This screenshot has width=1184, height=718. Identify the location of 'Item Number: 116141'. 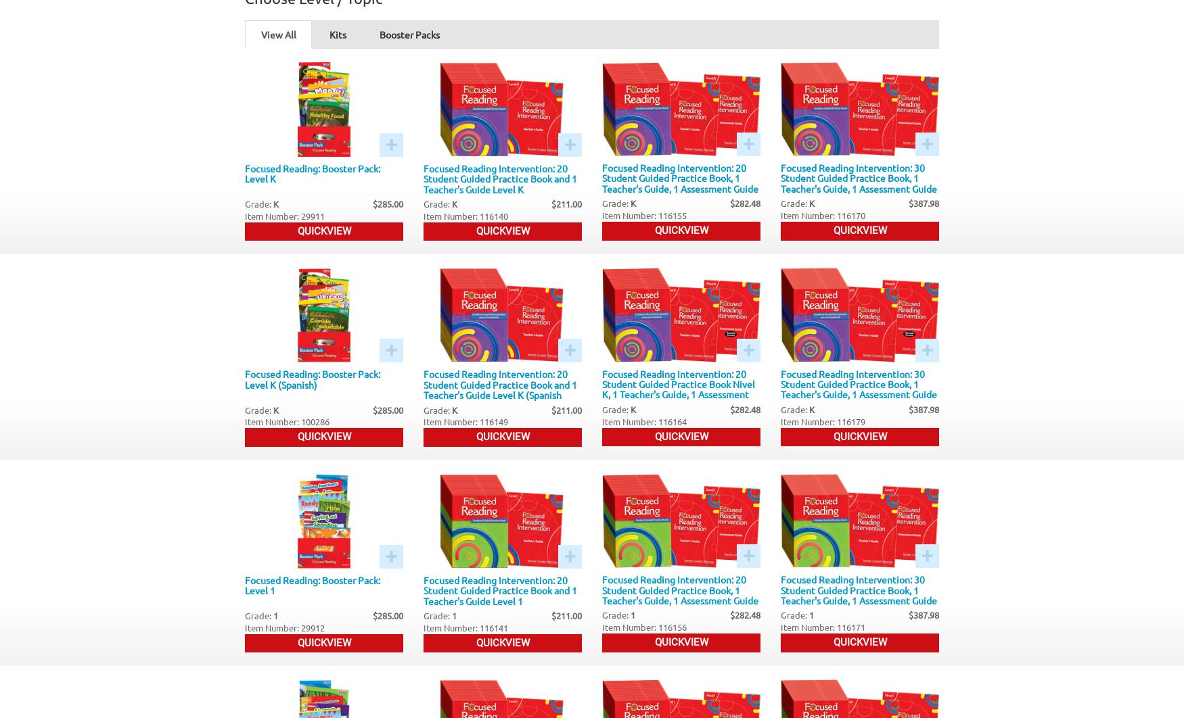
(465, 627).